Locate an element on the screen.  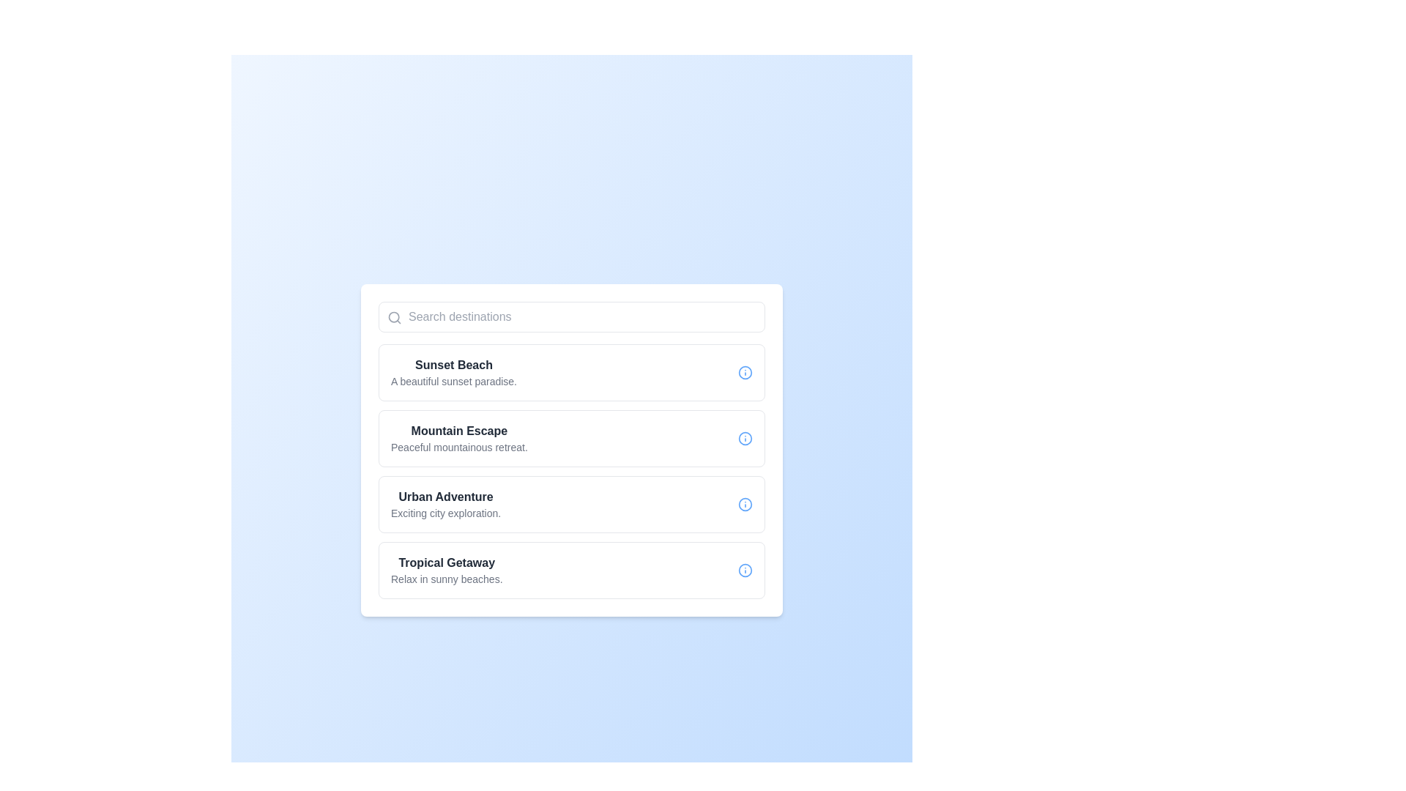
the fourth item in the vertical list of descriptive entries, which represents the selectable option for 'Sunset Beach' is located at coordinates (446, 570).